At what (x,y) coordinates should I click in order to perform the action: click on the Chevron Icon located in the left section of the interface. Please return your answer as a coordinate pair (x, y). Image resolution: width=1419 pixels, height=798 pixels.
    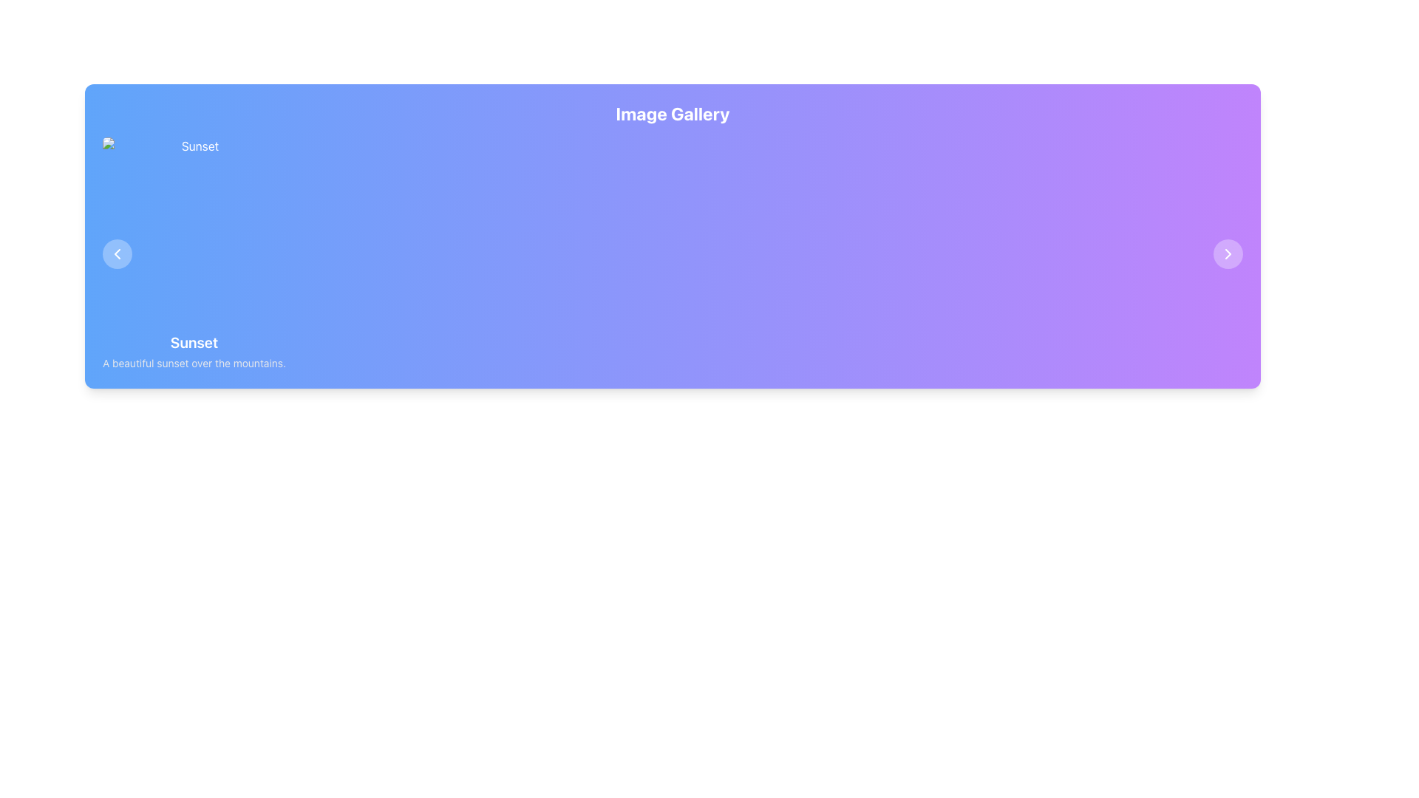
    Looking at the image, I should click on (116, 253).